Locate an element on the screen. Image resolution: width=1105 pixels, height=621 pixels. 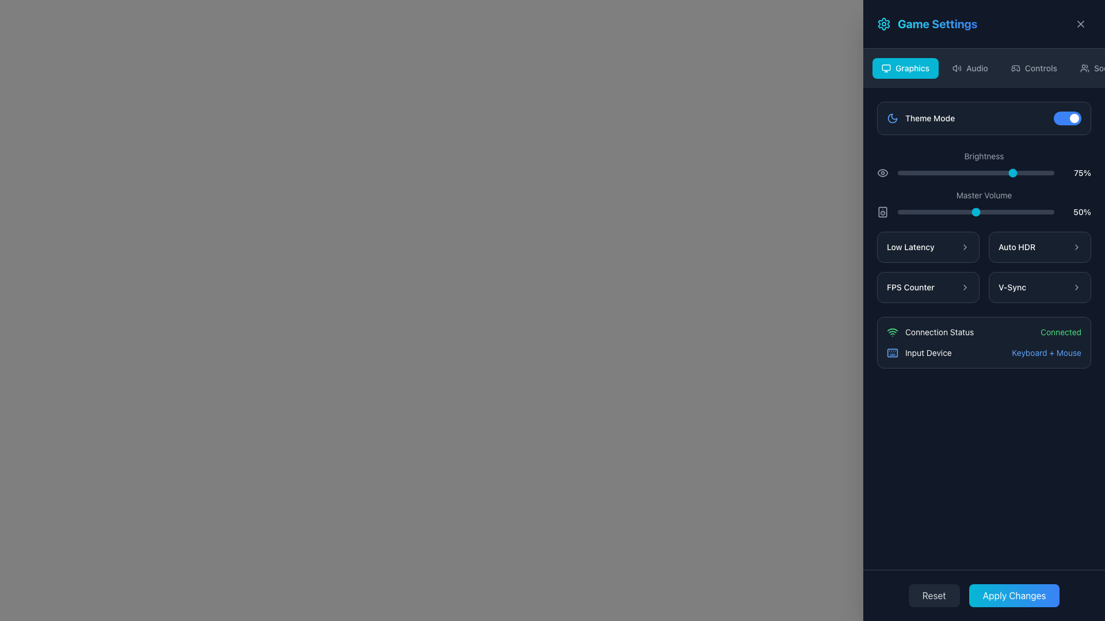
the cogwheel icon located is located at coordinates (883, 24).